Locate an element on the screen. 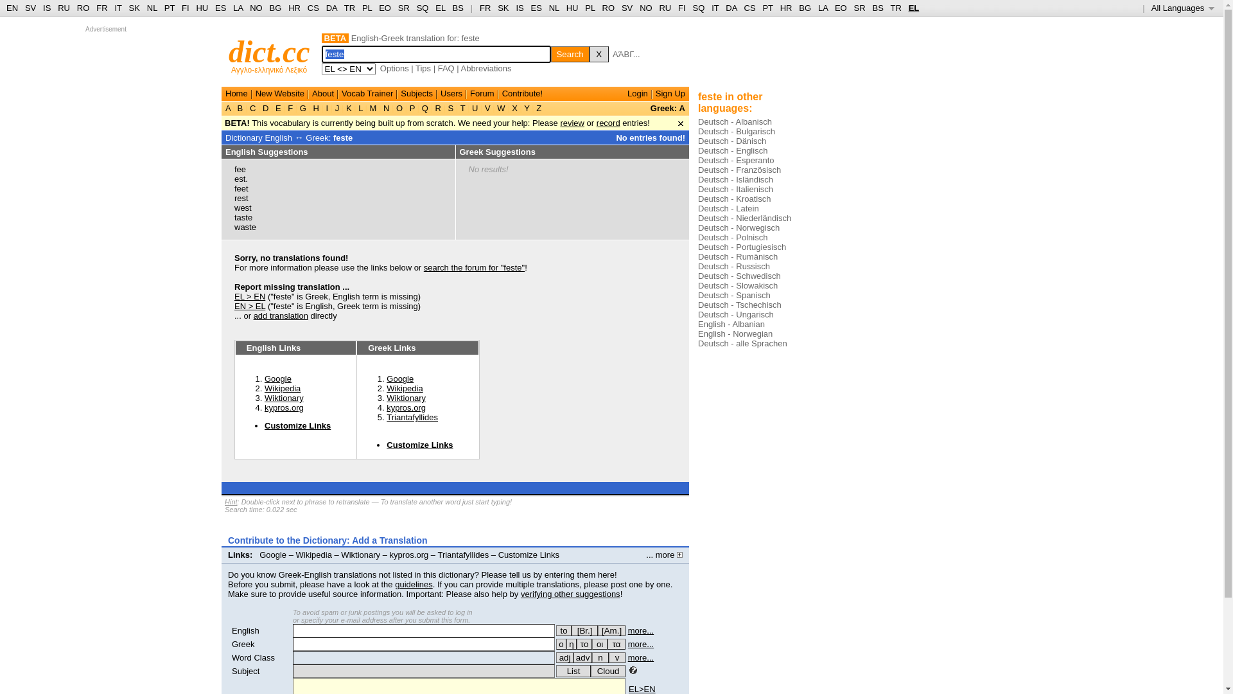  'Deutsch - Englisch' is located at coordinates (733, 150).